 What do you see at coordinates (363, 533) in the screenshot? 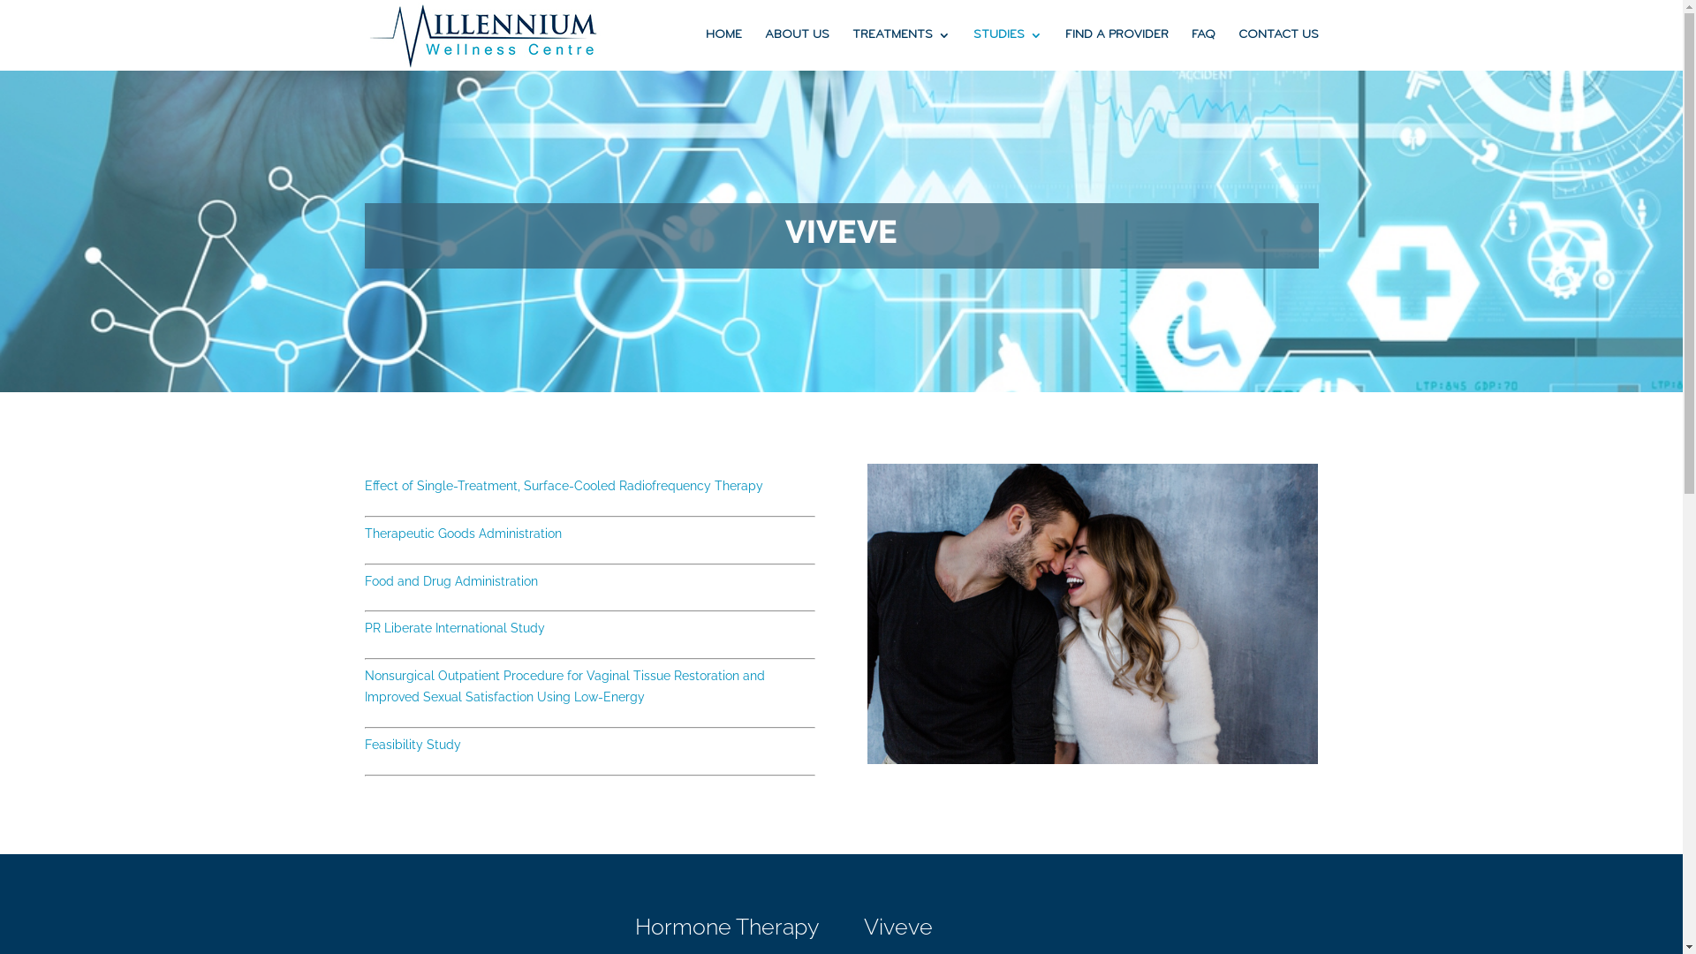
I see `'Therapeutic Goods Administration'` at bounding box center [363, 533].